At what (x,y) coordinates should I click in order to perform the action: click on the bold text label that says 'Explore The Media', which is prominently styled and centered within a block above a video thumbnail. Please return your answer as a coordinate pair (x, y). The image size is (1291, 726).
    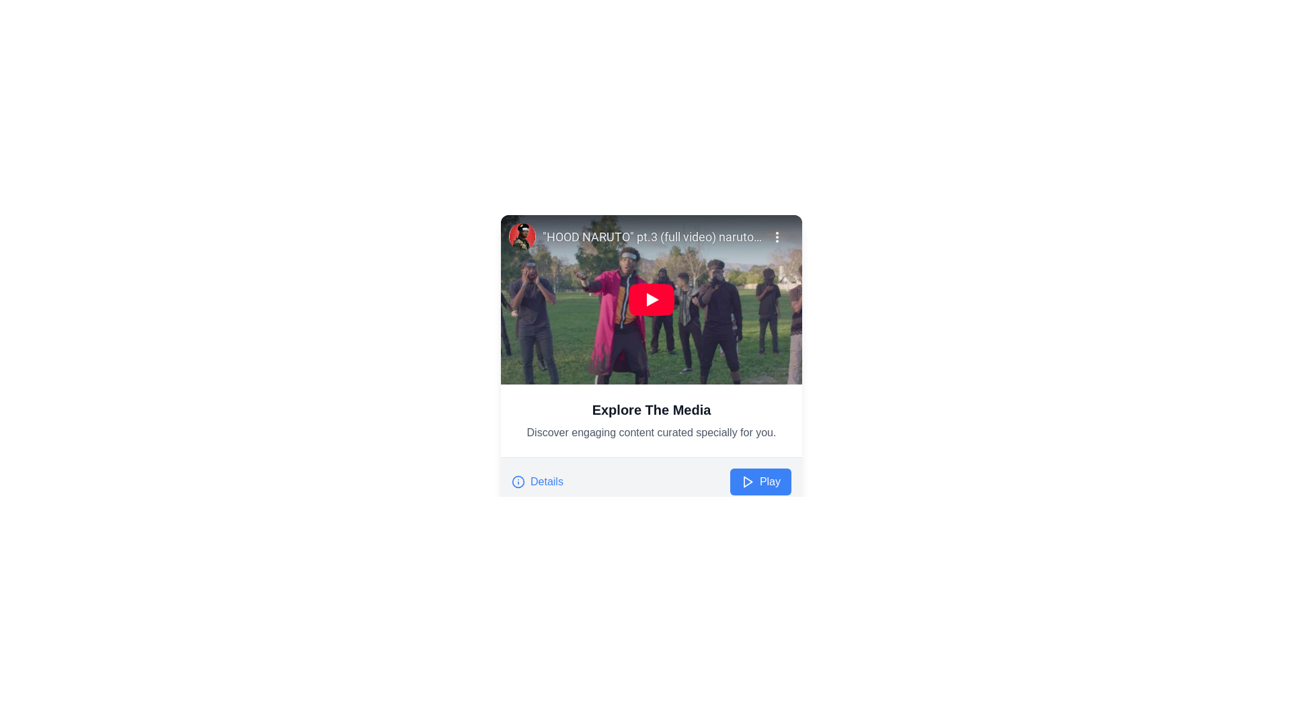
    Looking at the image, I should click on (652, 409).